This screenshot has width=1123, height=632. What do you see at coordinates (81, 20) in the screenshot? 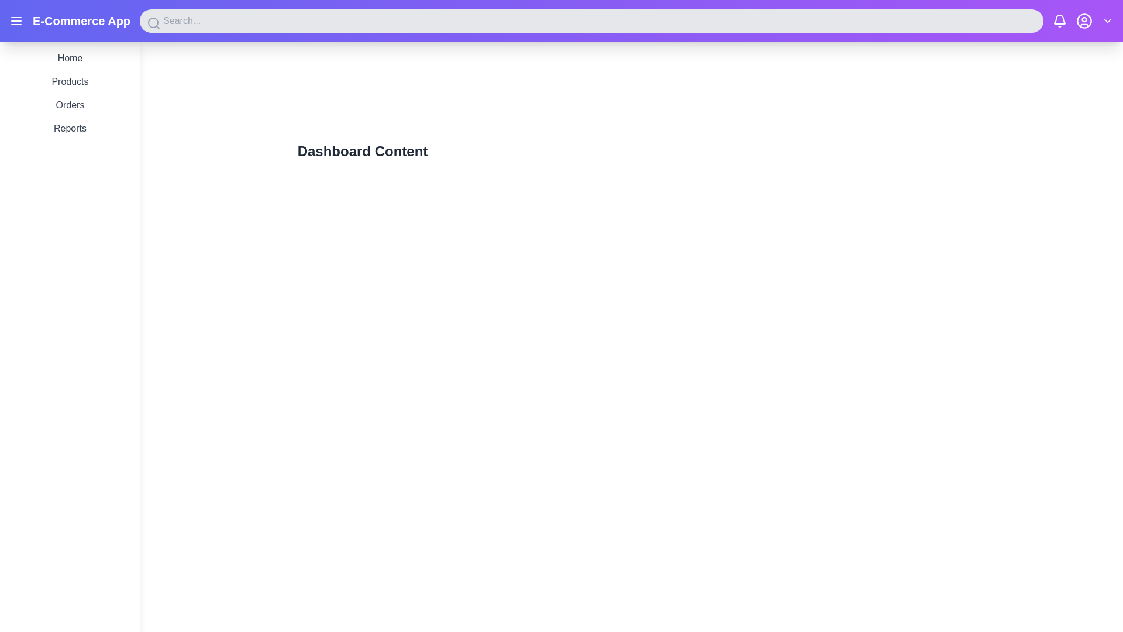
I see `the text label located in the header section of the application, which serves as a title or identification label` at bounding box center [81, 20].